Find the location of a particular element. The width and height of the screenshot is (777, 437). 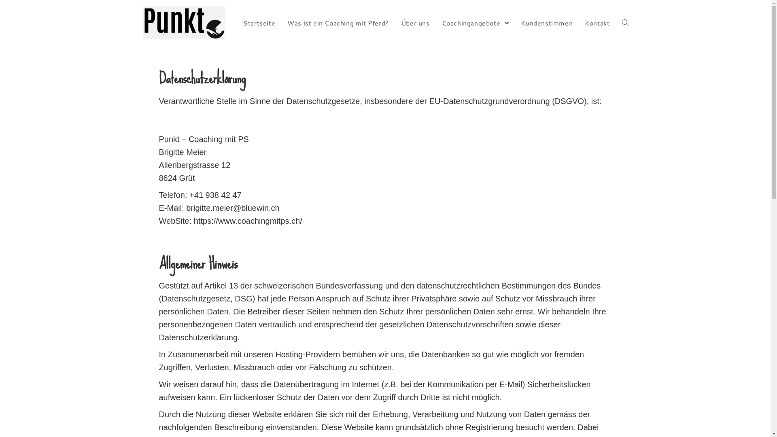

'Kontakt' is located at coordinates (597, 22).